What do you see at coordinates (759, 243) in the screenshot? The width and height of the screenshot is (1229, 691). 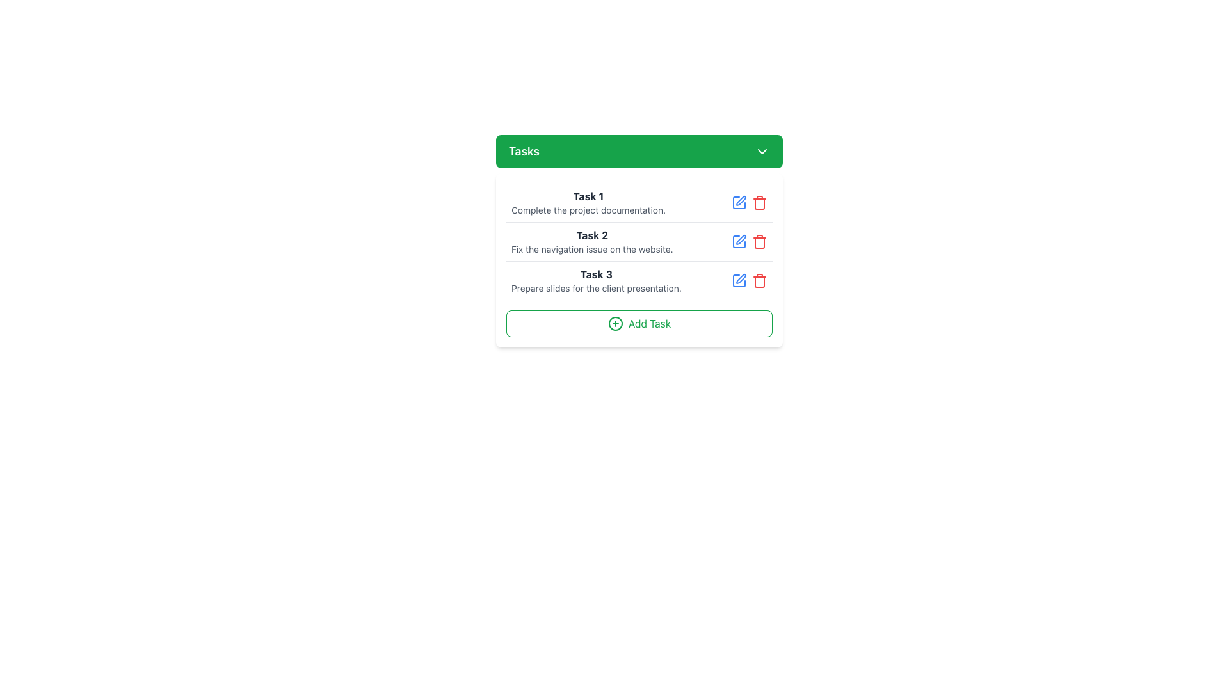 I see `the central portion of the trash bin icon, which is represented by the Icon component that signifies delete functionality` at bounding box center [759, 243].